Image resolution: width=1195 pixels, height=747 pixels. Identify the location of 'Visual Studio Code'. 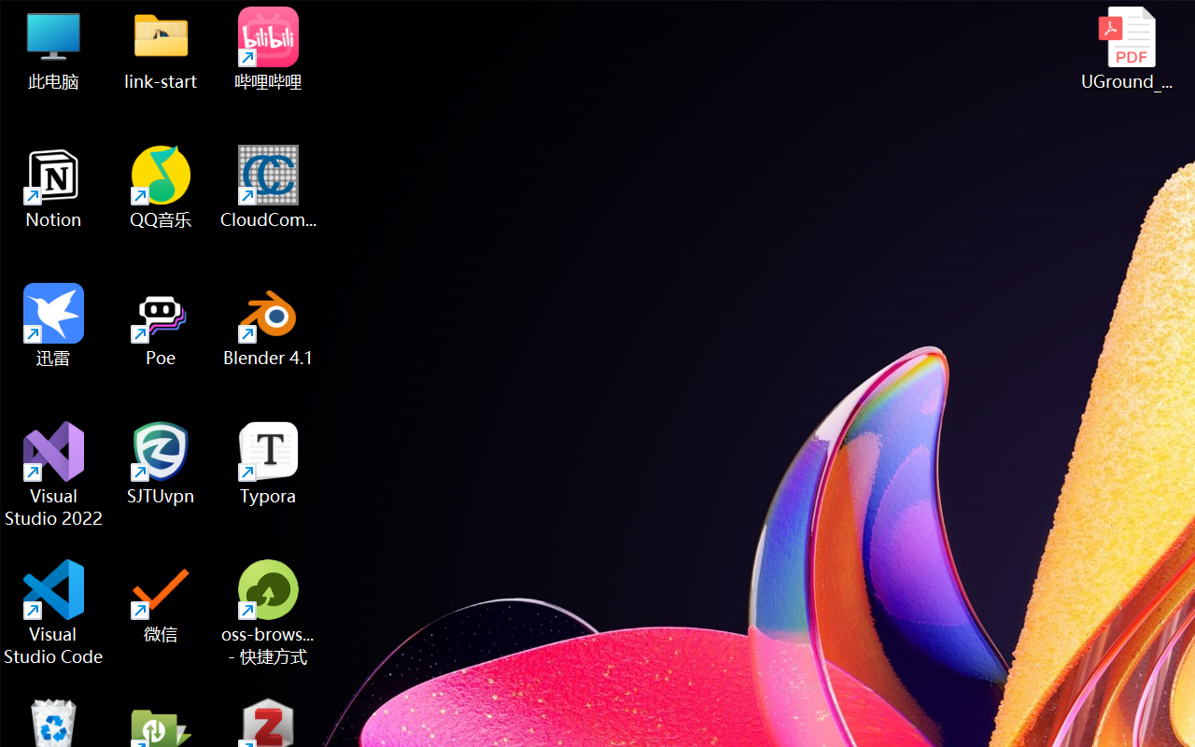
(53, 612).